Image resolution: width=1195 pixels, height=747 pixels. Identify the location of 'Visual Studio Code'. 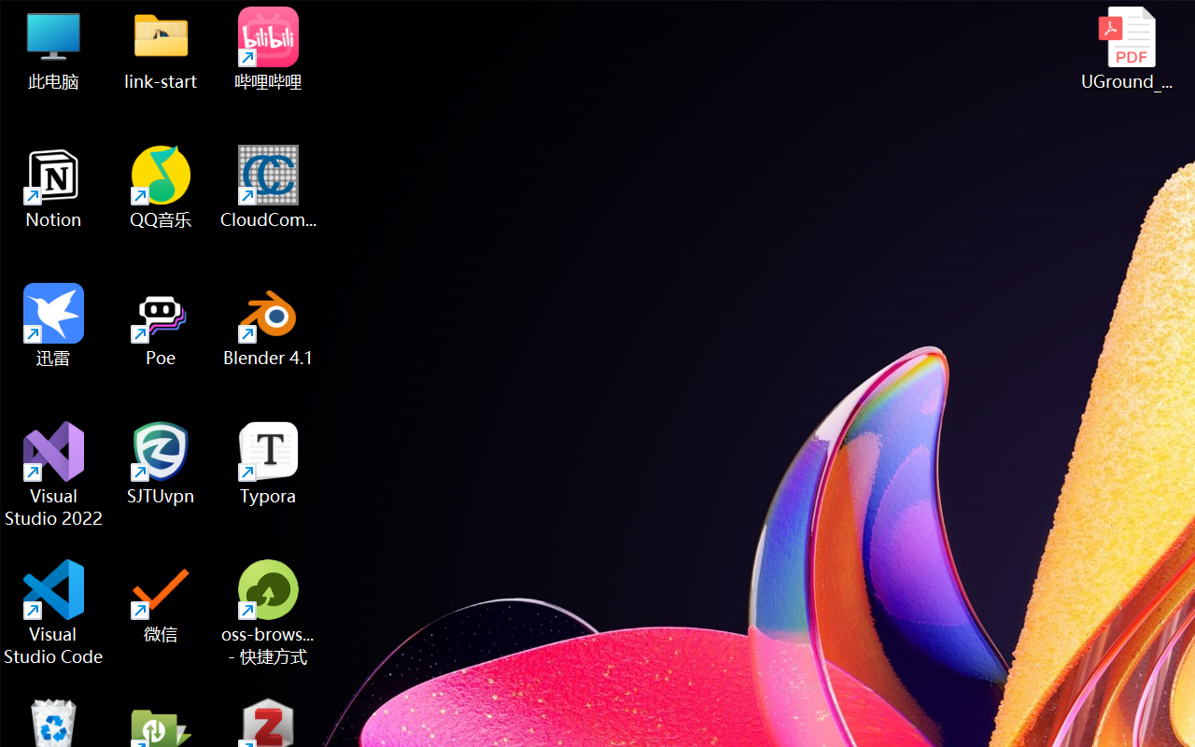
(53, 612).